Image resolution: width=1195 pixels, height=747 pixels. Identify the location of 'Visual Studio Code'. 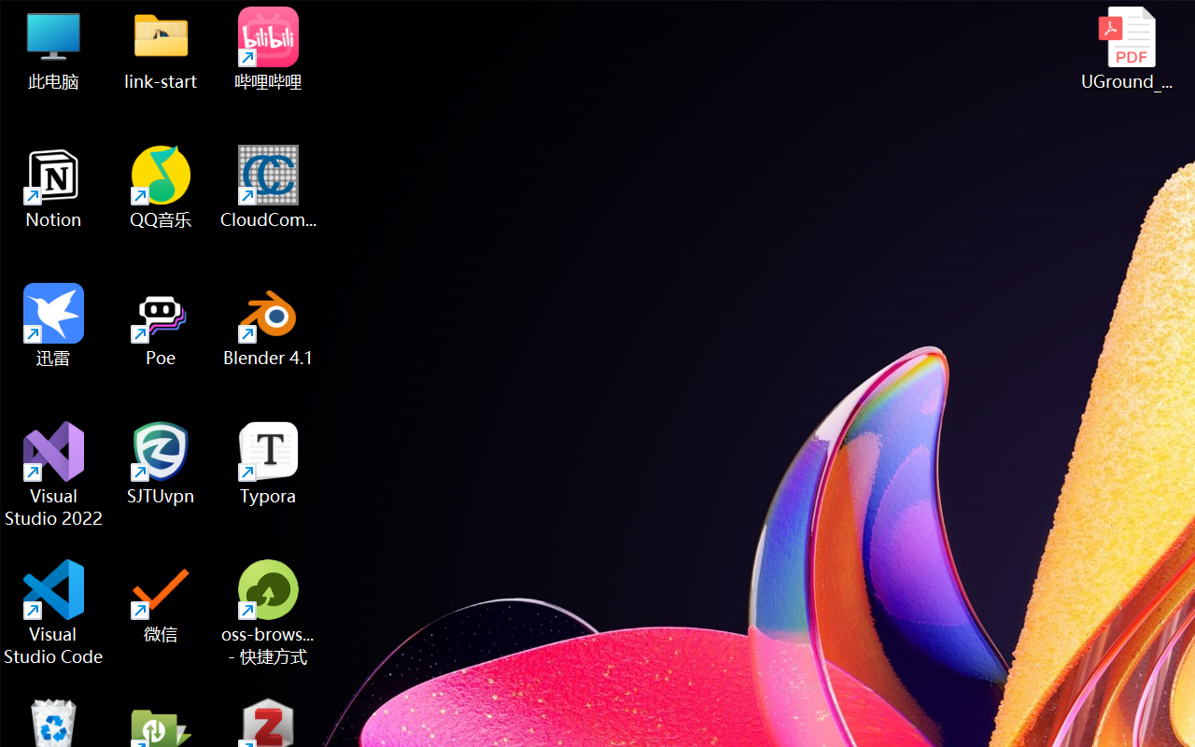
(53, 612).